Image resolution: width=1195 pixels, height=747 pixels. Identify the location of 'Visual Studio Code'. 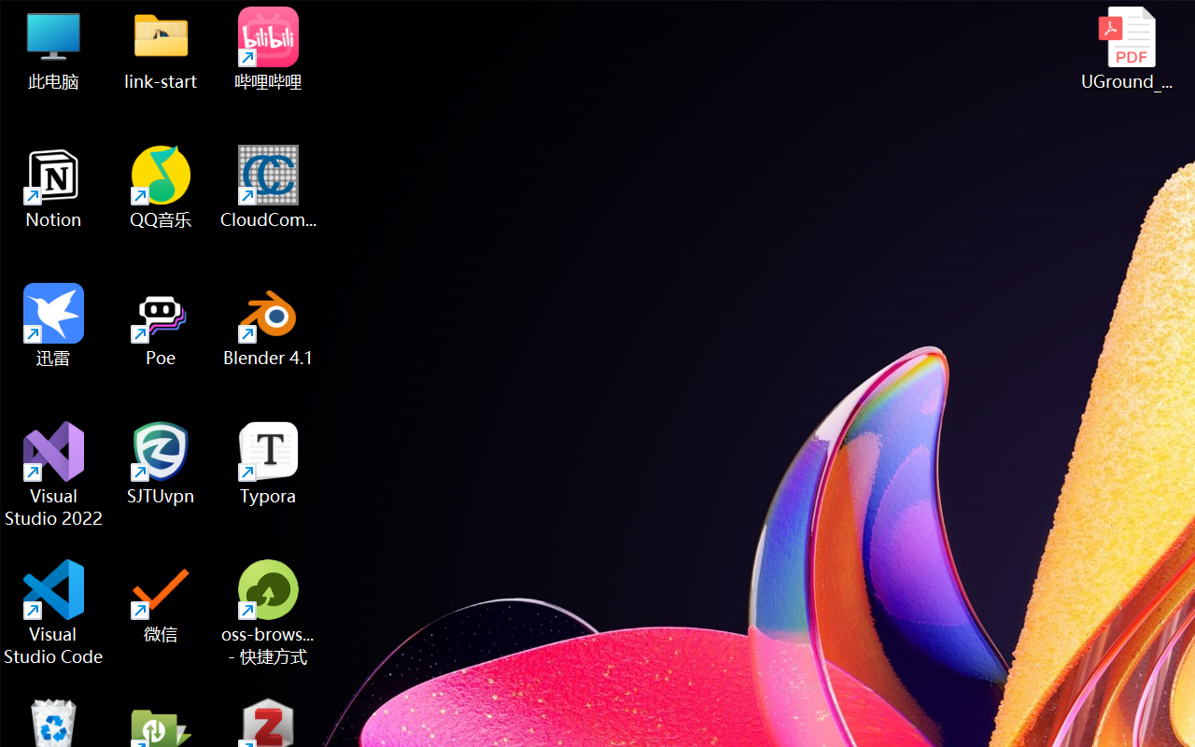
(53, 612).